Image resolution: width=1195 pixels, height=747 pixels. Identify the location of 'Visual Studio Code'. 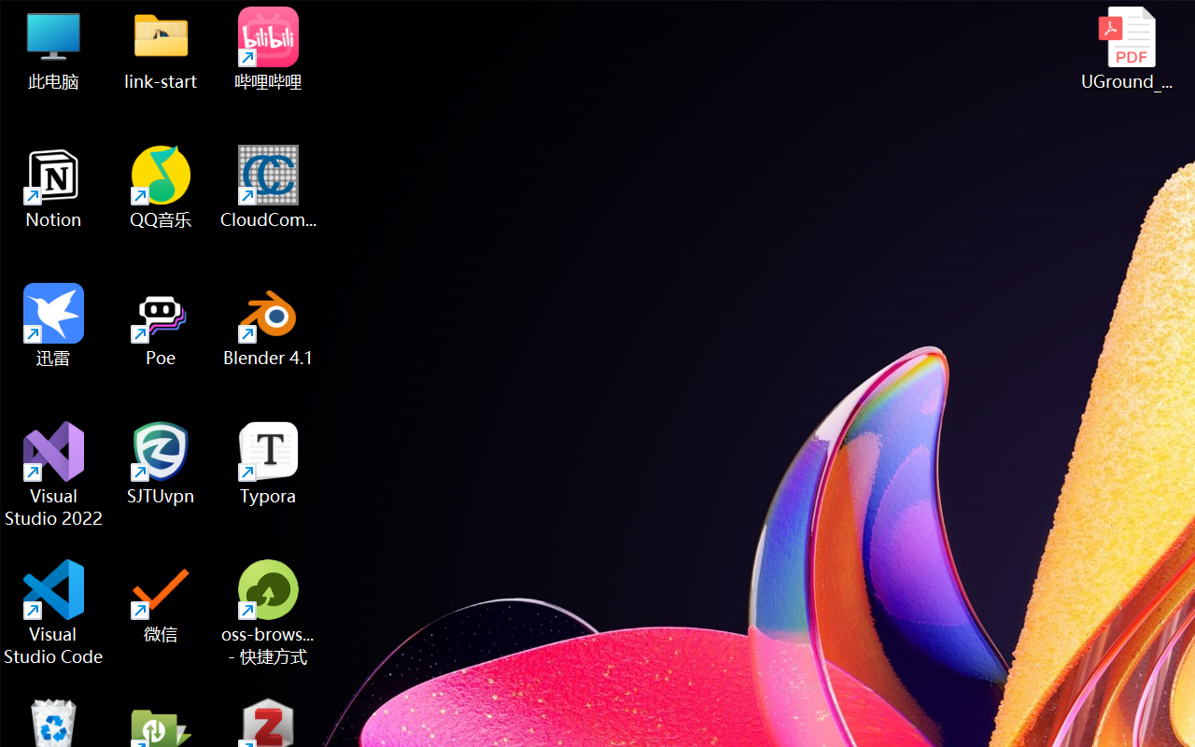
(53, 612).